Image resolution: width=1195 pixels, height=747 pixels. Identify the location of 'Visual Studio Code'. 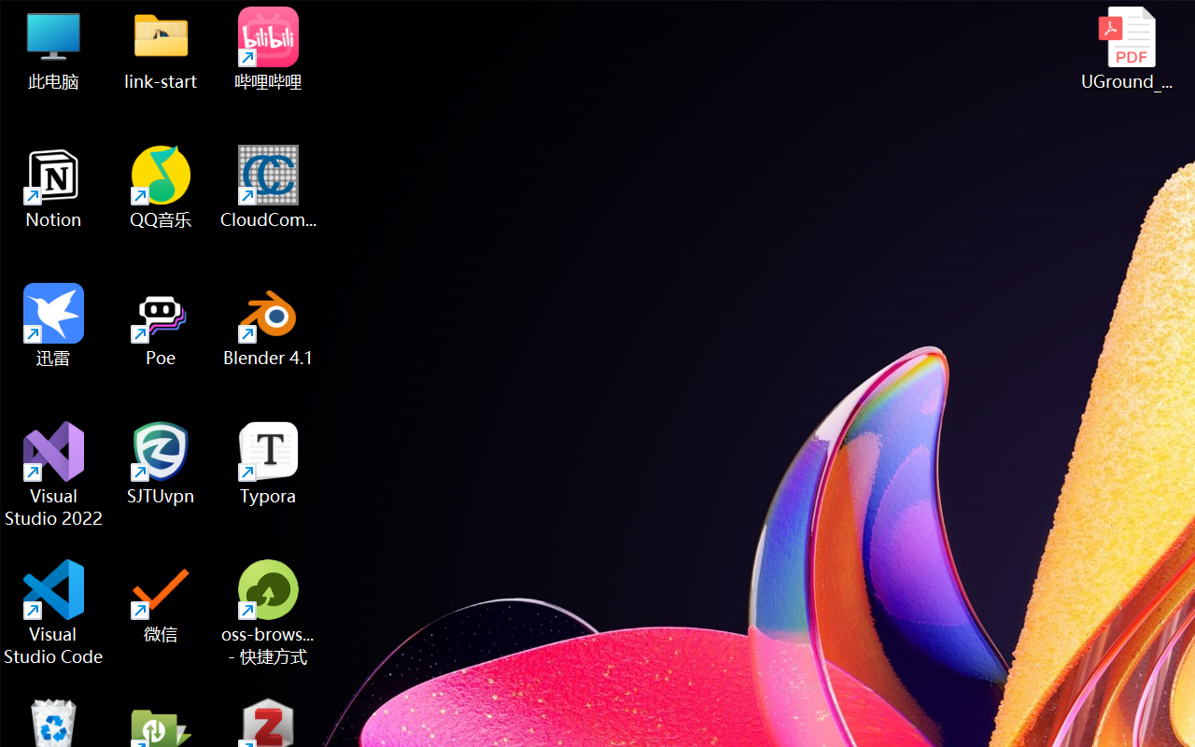
(53, 612).